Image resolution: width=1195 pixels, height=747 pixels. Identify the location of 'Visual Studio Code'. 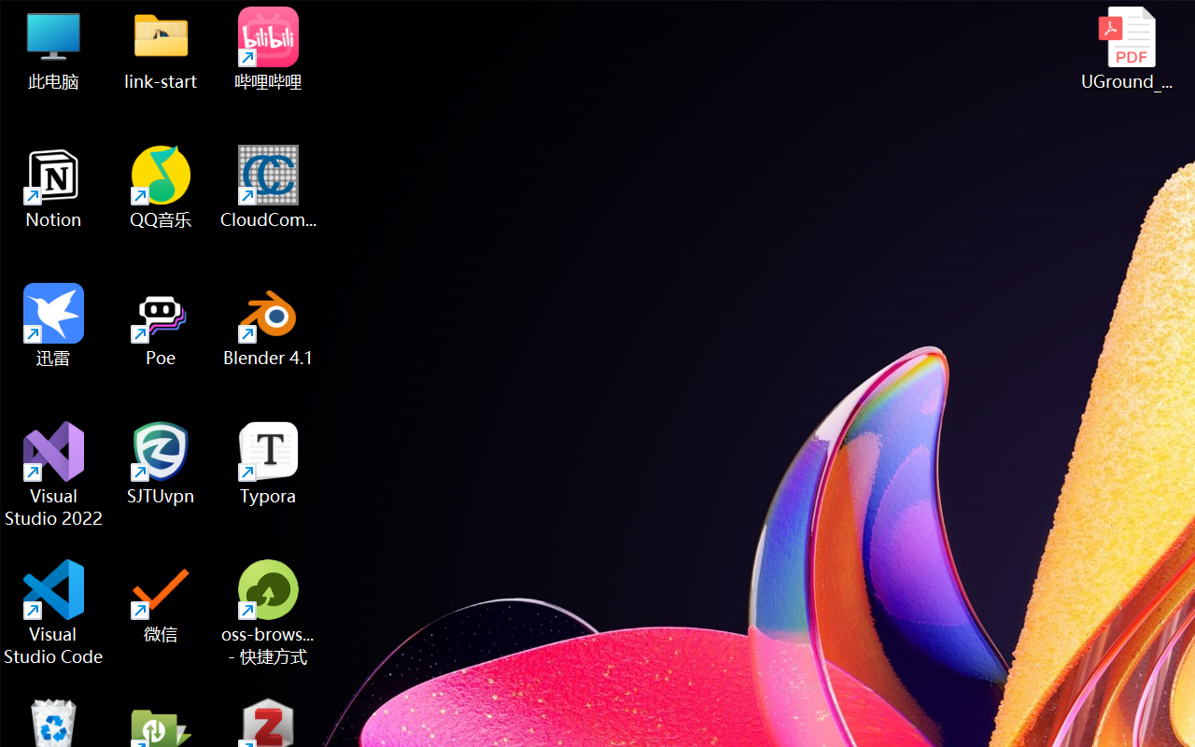
(53, 612).